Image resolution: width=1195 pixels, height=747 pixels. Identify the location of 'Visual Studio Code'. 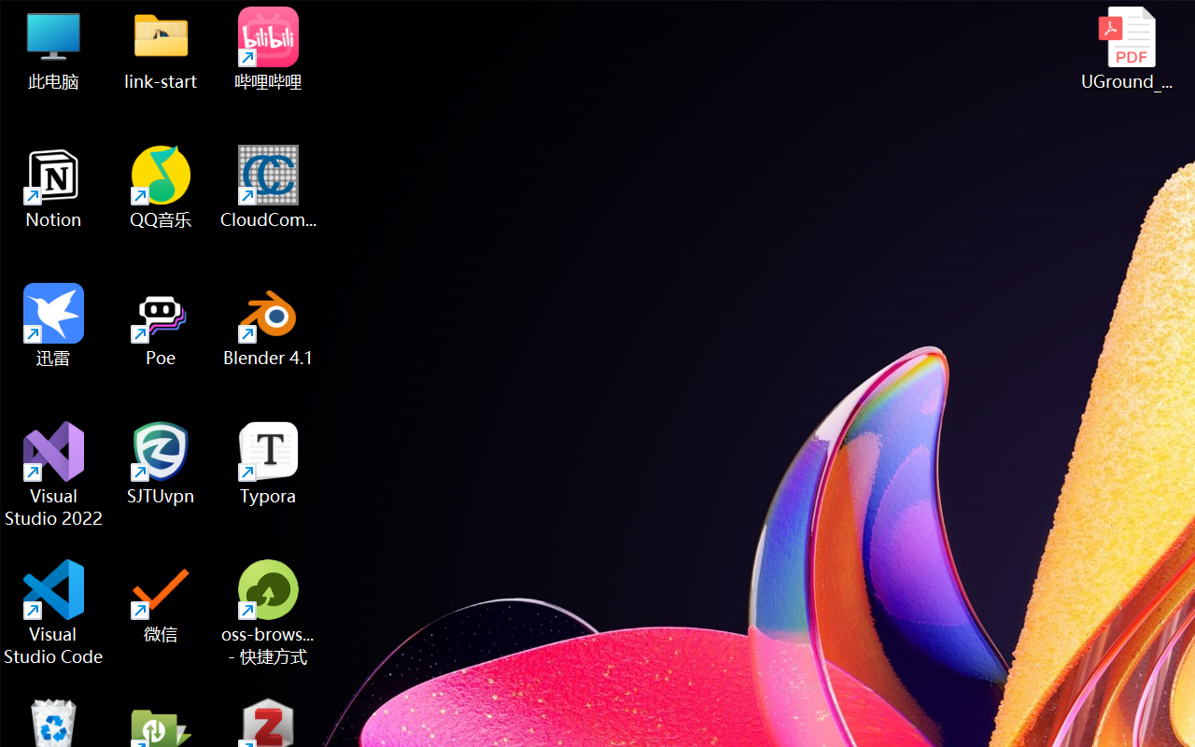
(53, 612).